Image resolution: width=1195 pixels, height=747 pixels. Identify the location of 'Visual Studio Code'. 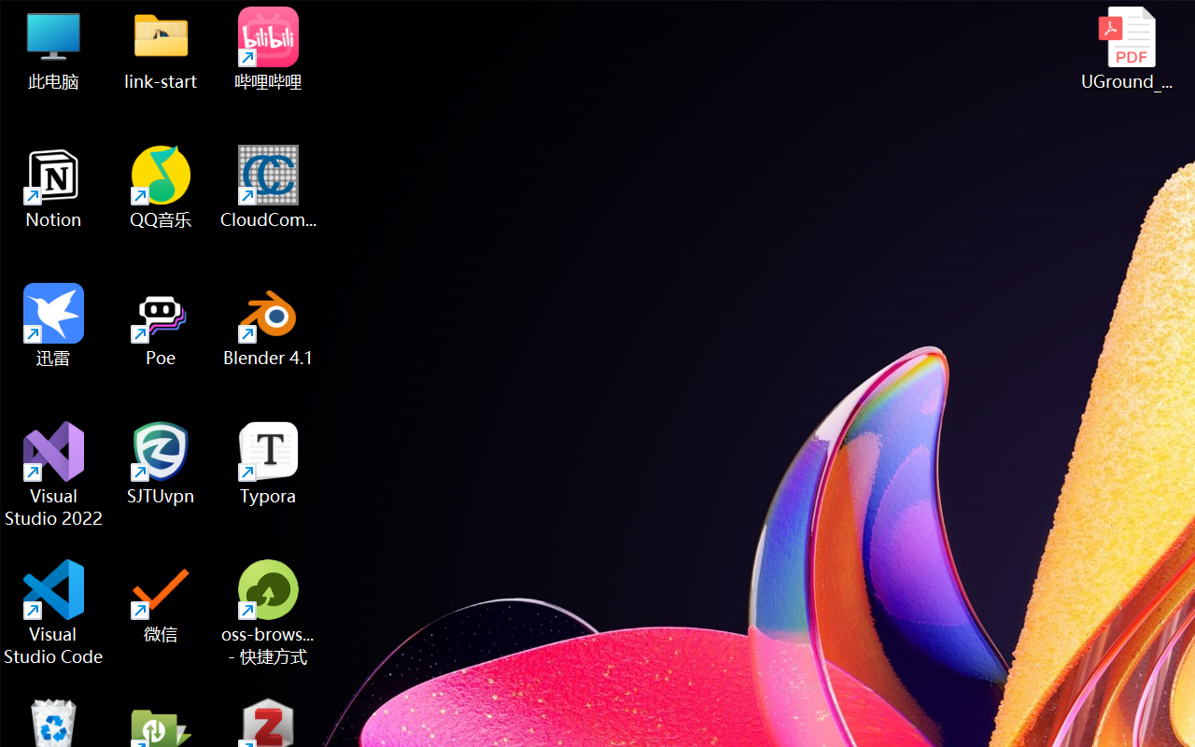
(53, 612).